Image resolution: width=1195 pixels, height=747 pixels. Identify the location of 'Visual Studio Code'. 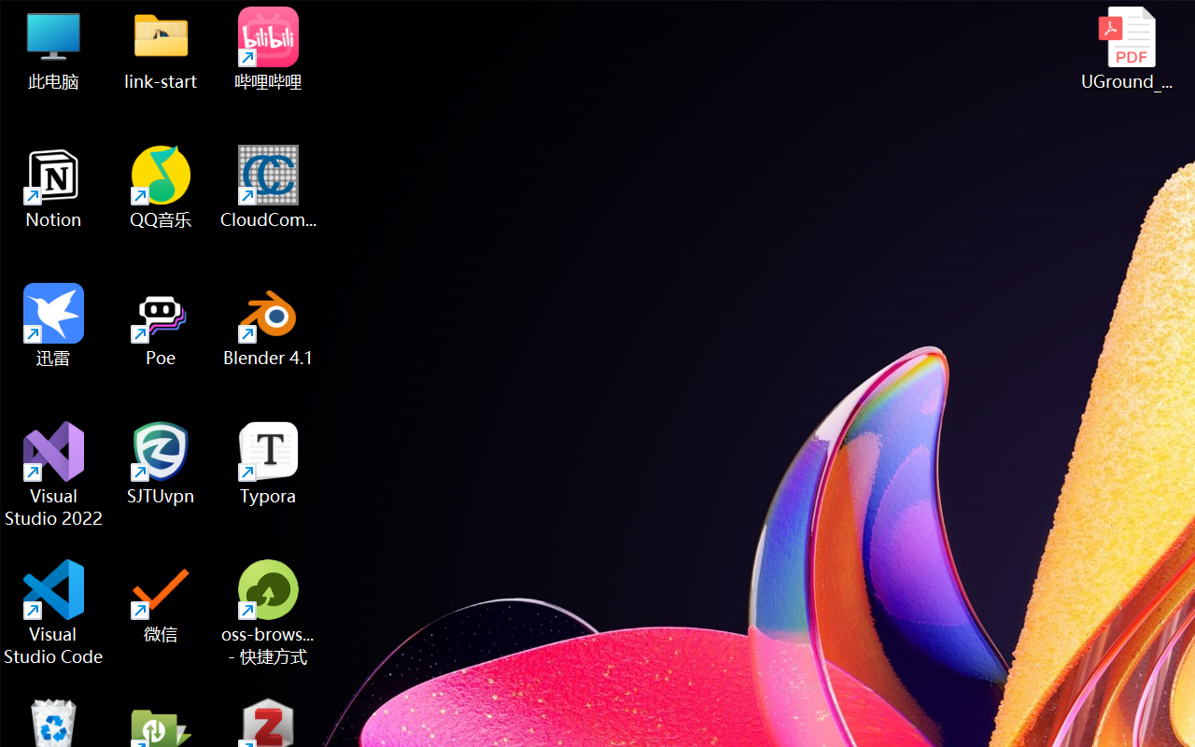
(53, 612).